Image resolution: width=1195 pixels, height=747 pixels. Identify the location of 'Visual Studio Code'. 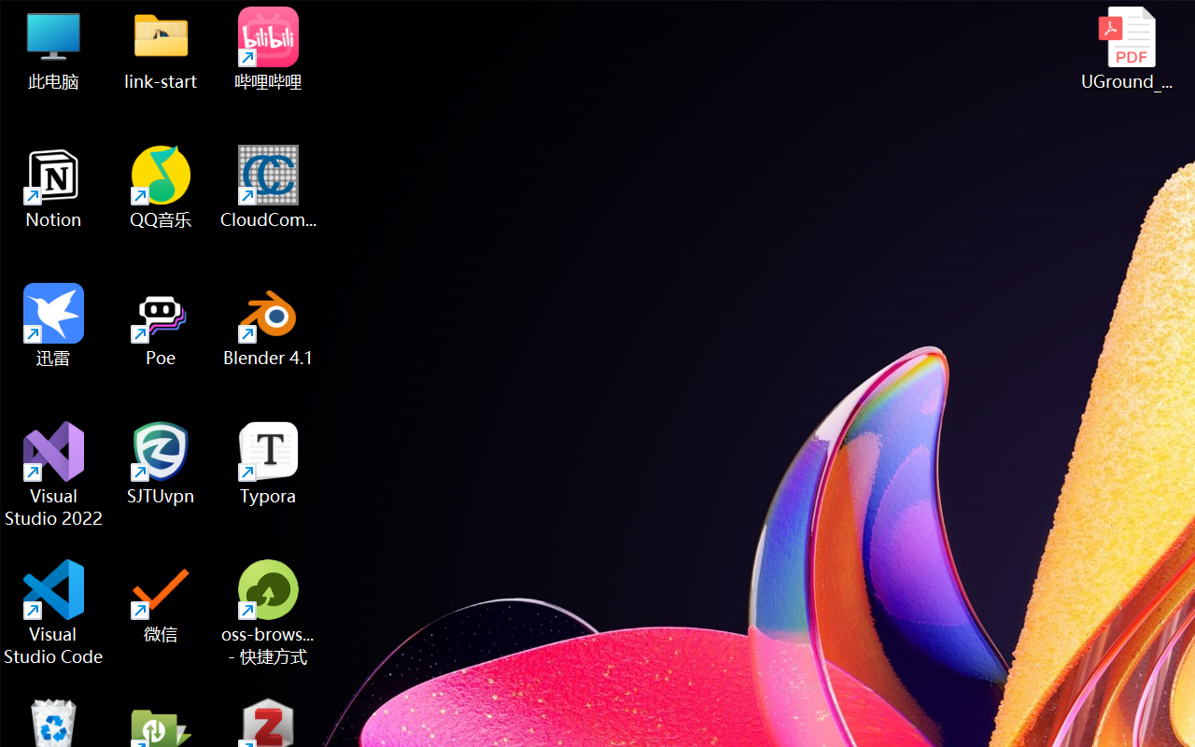
(53, 612).